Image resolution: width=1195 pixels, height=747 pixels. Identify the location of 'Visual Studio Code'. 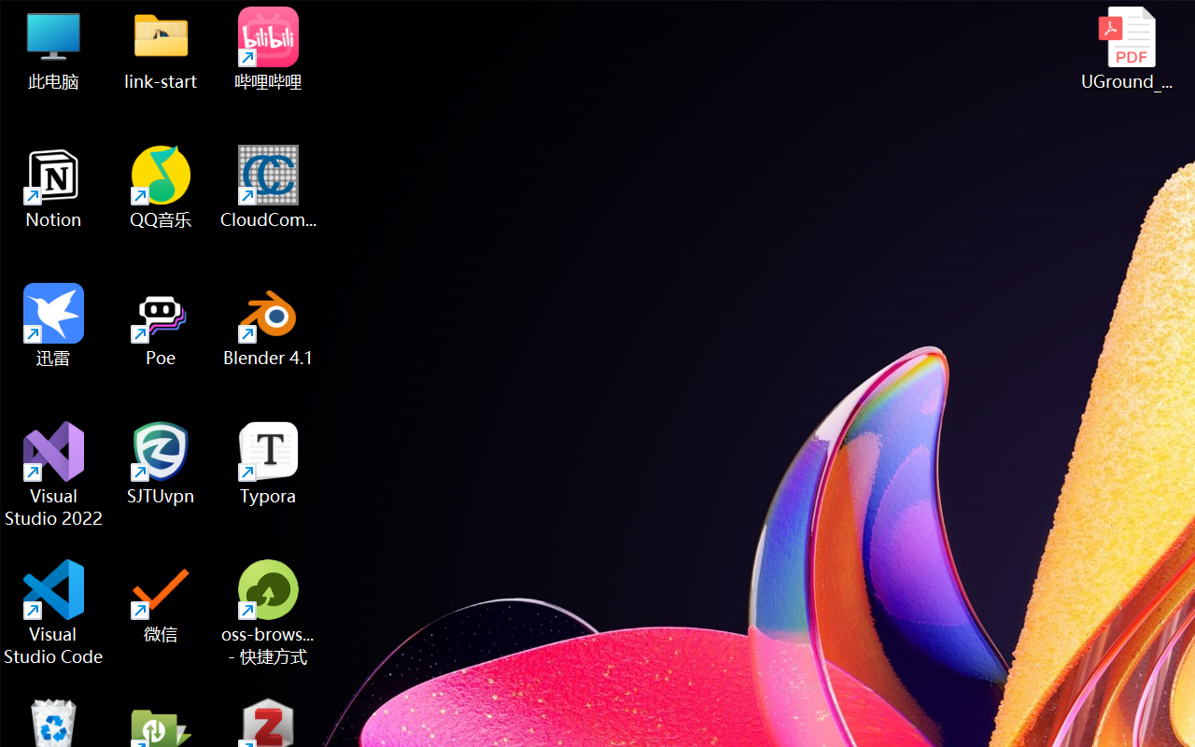
(53, 612).